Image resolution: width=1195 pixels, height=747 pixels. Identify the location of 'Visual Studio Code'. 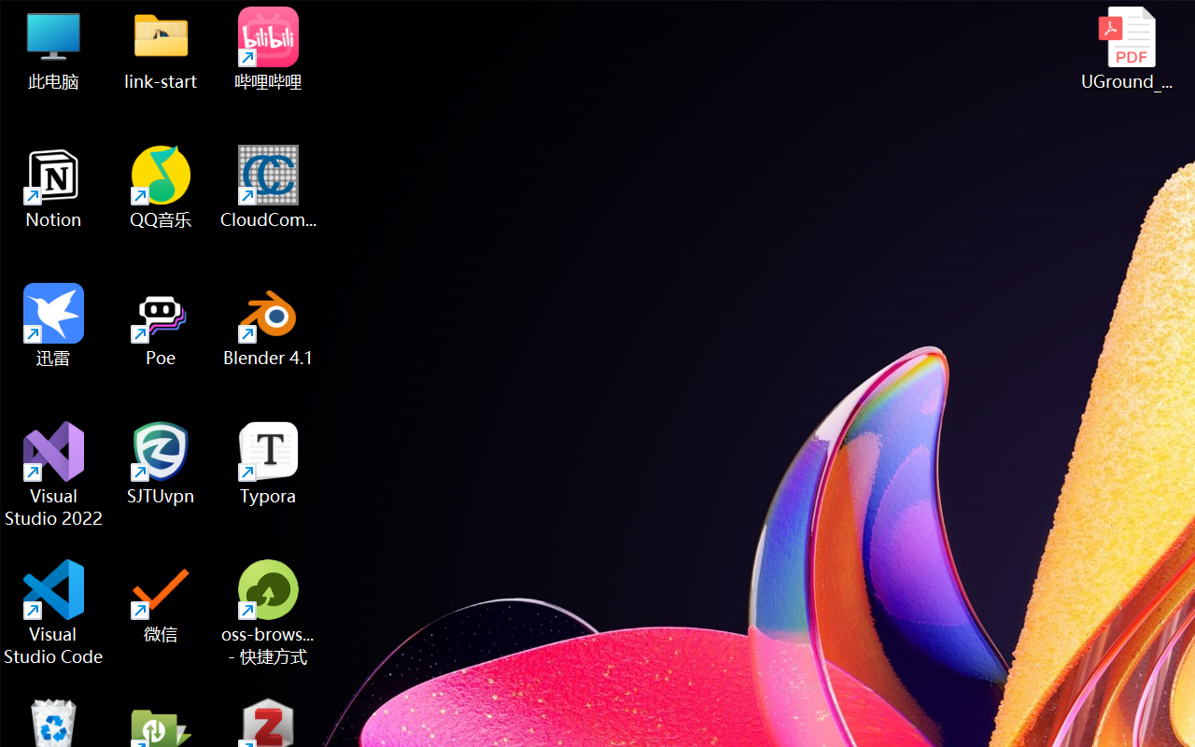
(53, 612).